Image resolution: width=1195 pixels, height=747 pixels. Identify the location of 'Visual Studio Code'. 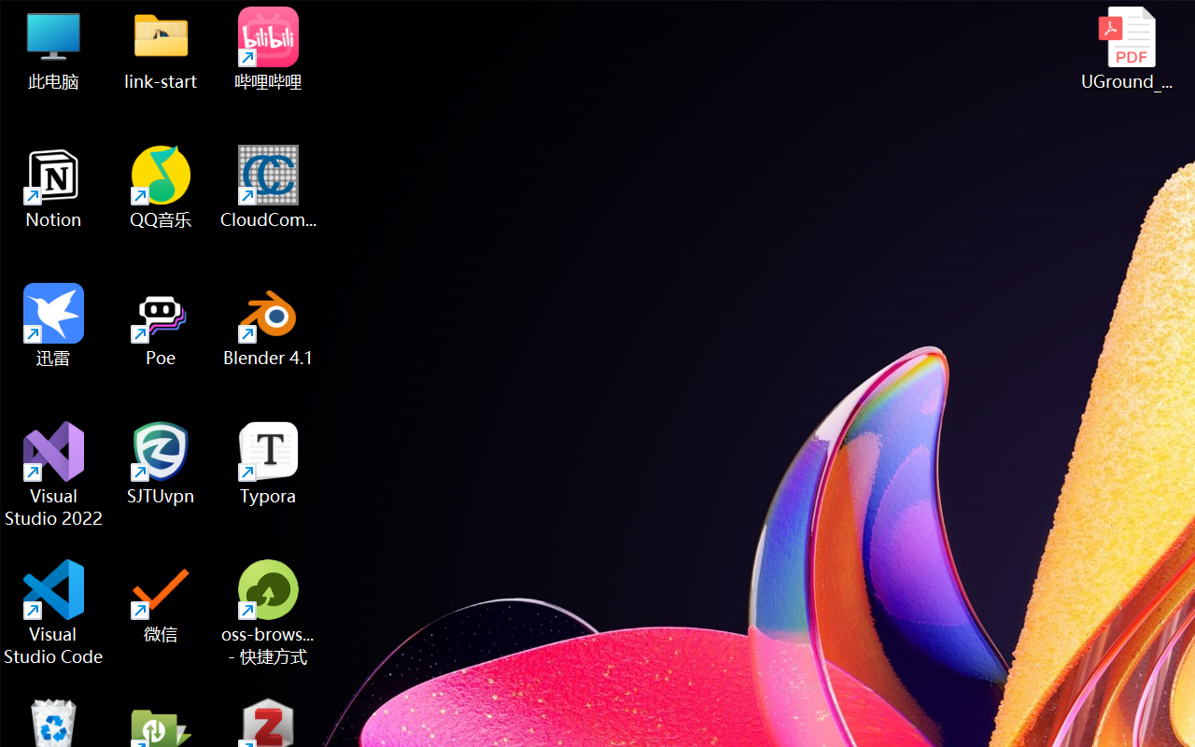
(53, 612).